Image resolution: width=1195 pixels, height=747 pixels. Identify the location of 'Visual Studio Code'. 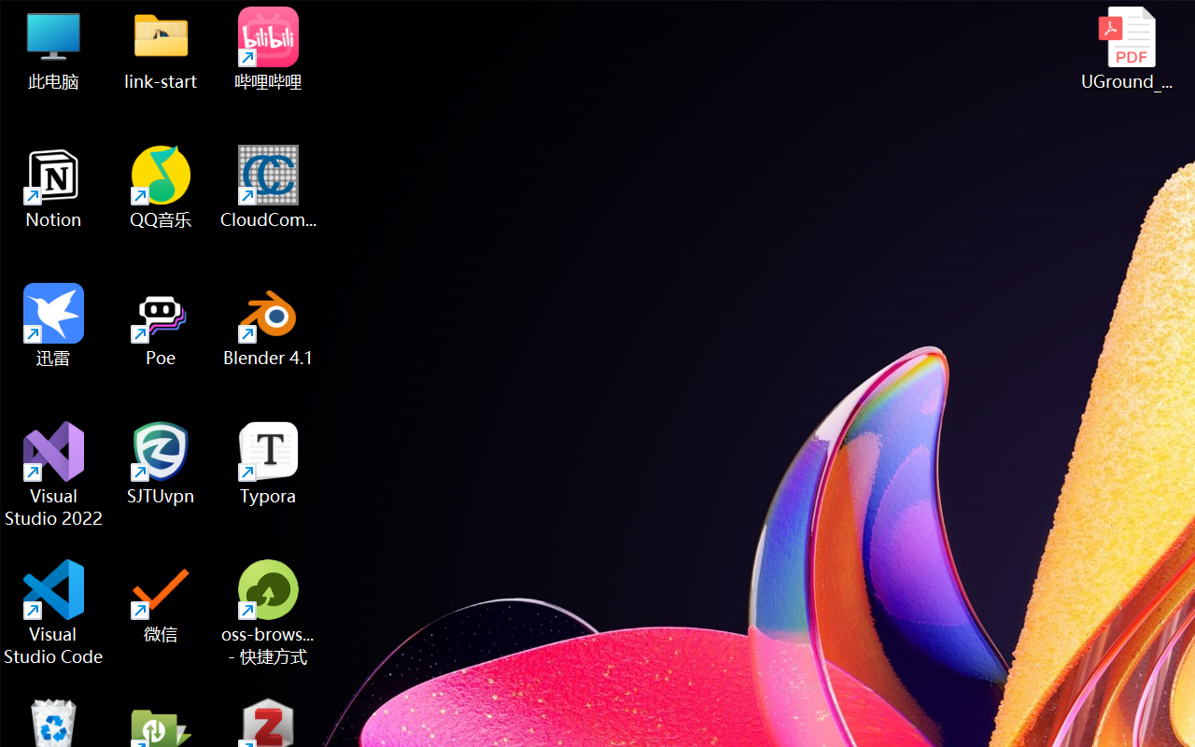
(53, 612).